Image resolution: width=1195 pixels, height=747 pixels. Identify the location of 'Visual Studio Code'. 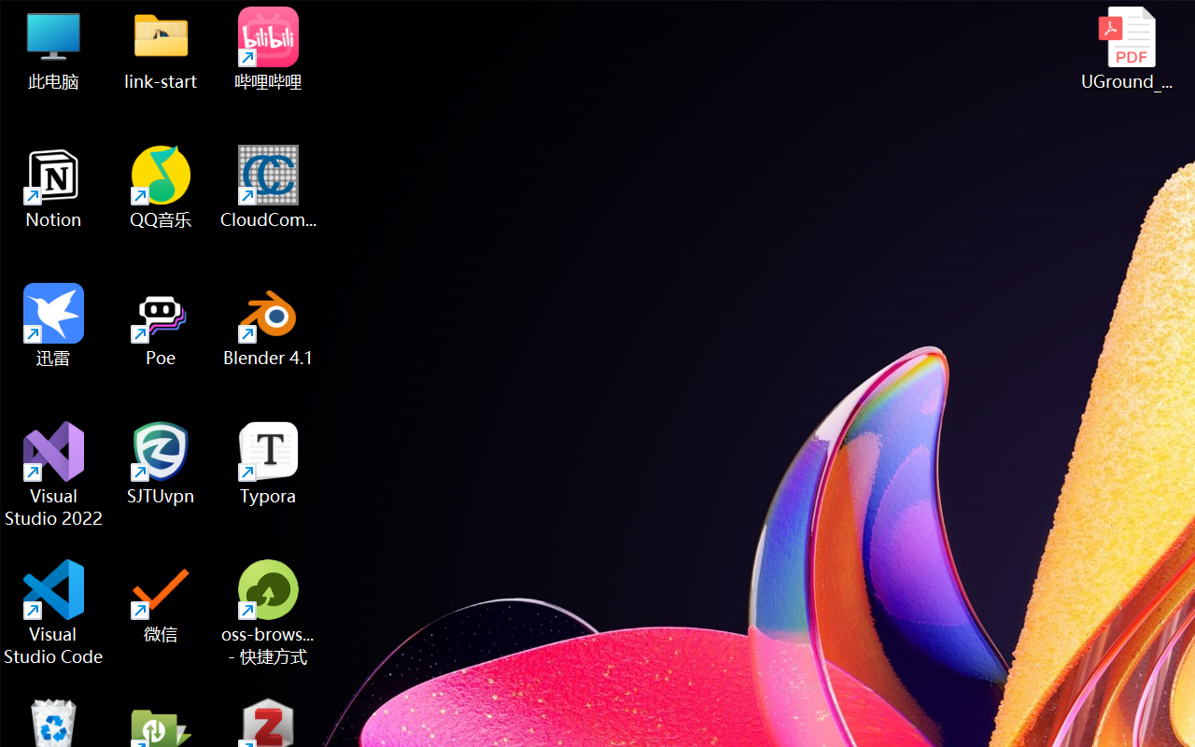
(53, 612).